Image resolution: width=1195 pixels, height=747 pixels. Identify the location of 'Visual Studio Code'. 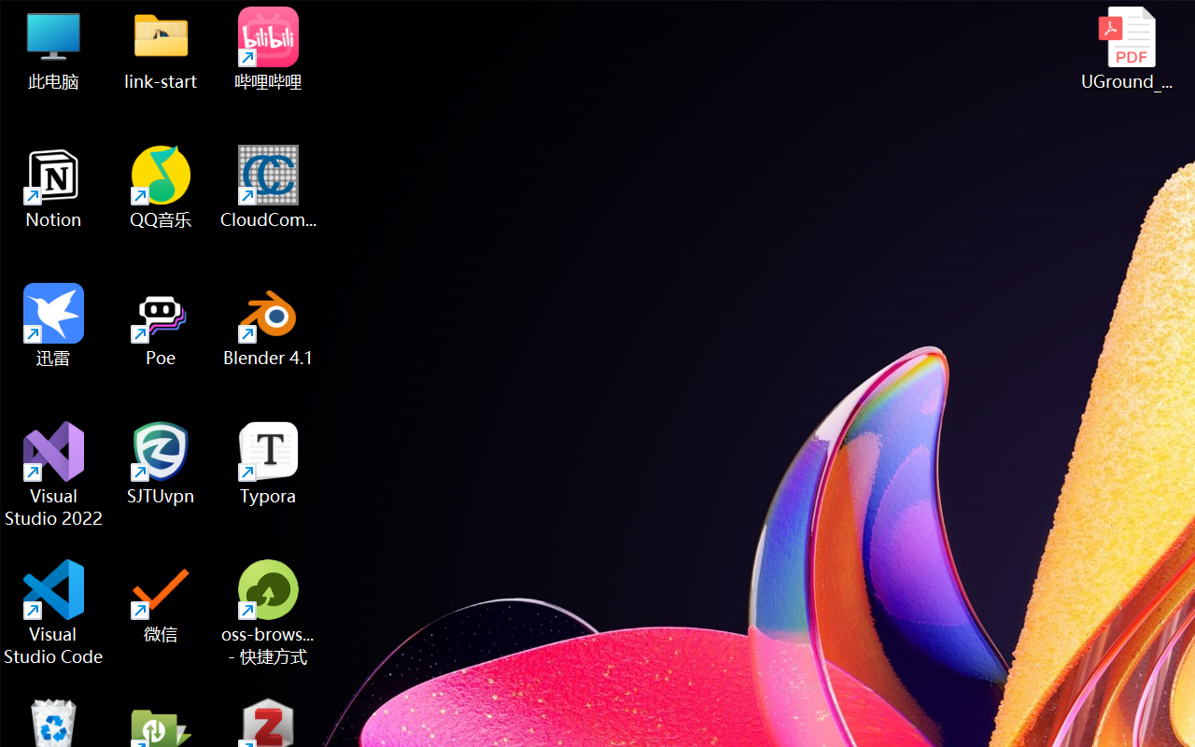
(53, 612).